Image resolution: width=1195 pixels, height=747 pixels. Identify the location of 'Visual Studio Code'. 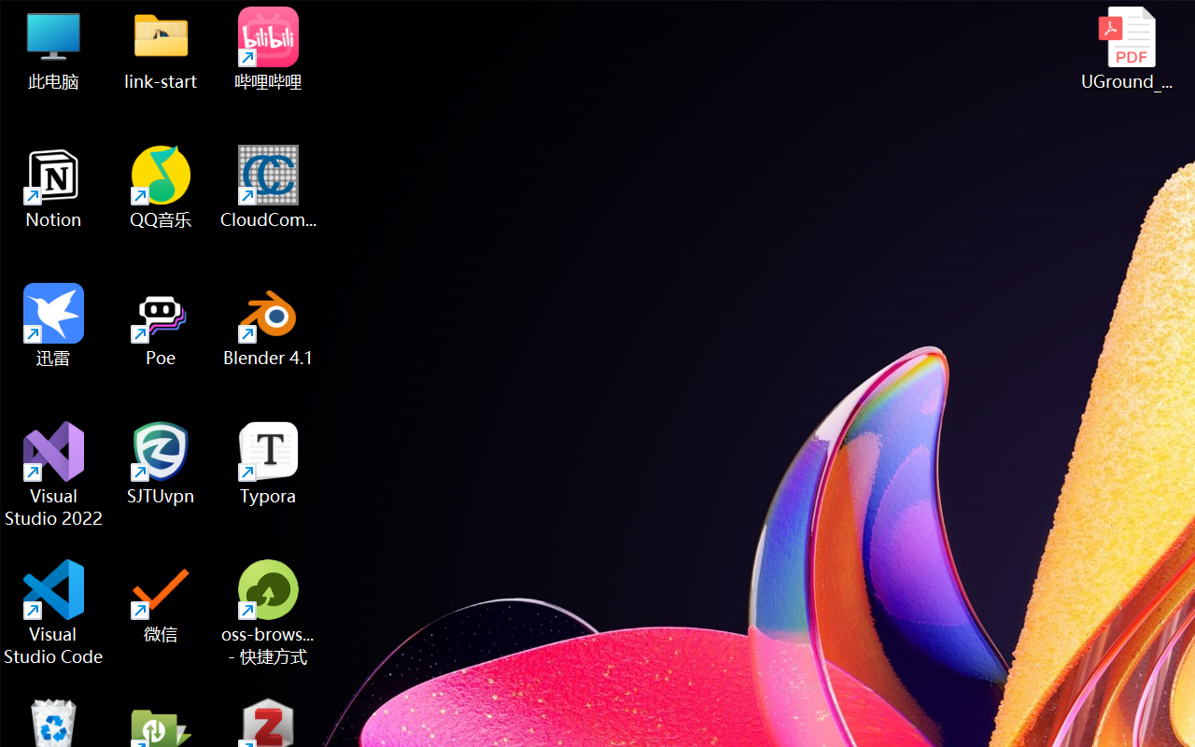
(53, 612).